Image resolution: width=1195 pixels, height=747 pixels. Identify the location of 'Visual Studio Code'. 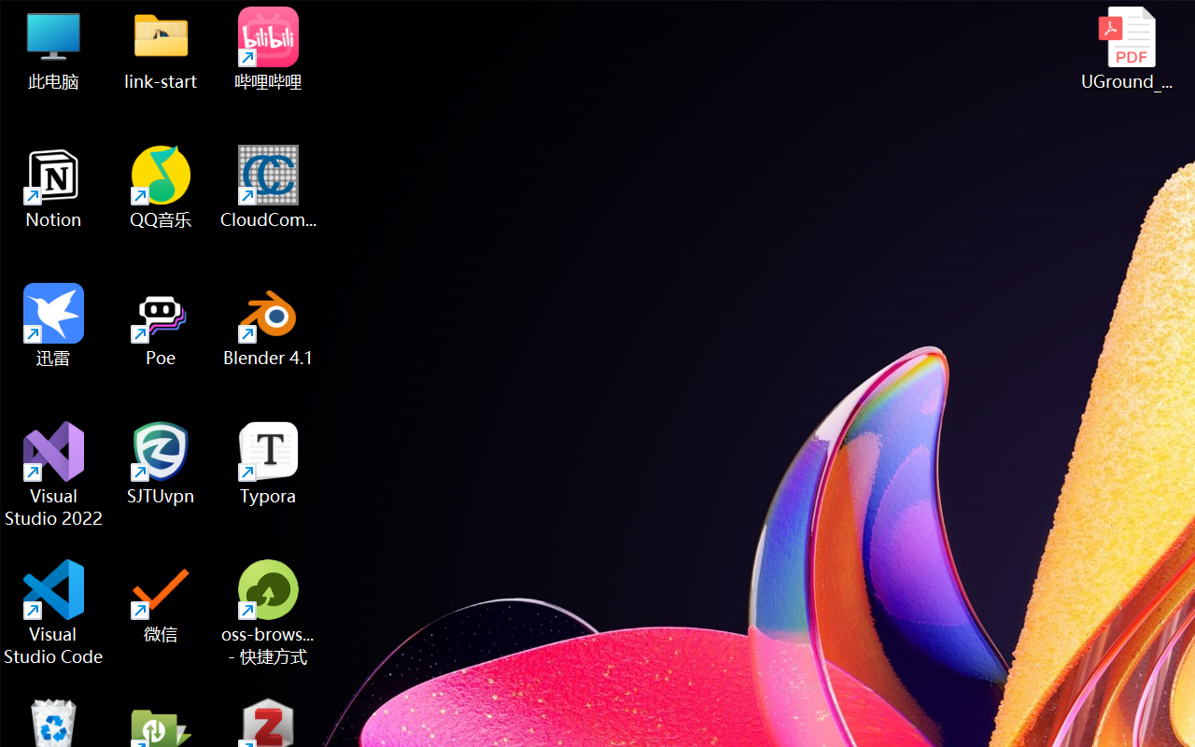
(53, 612).